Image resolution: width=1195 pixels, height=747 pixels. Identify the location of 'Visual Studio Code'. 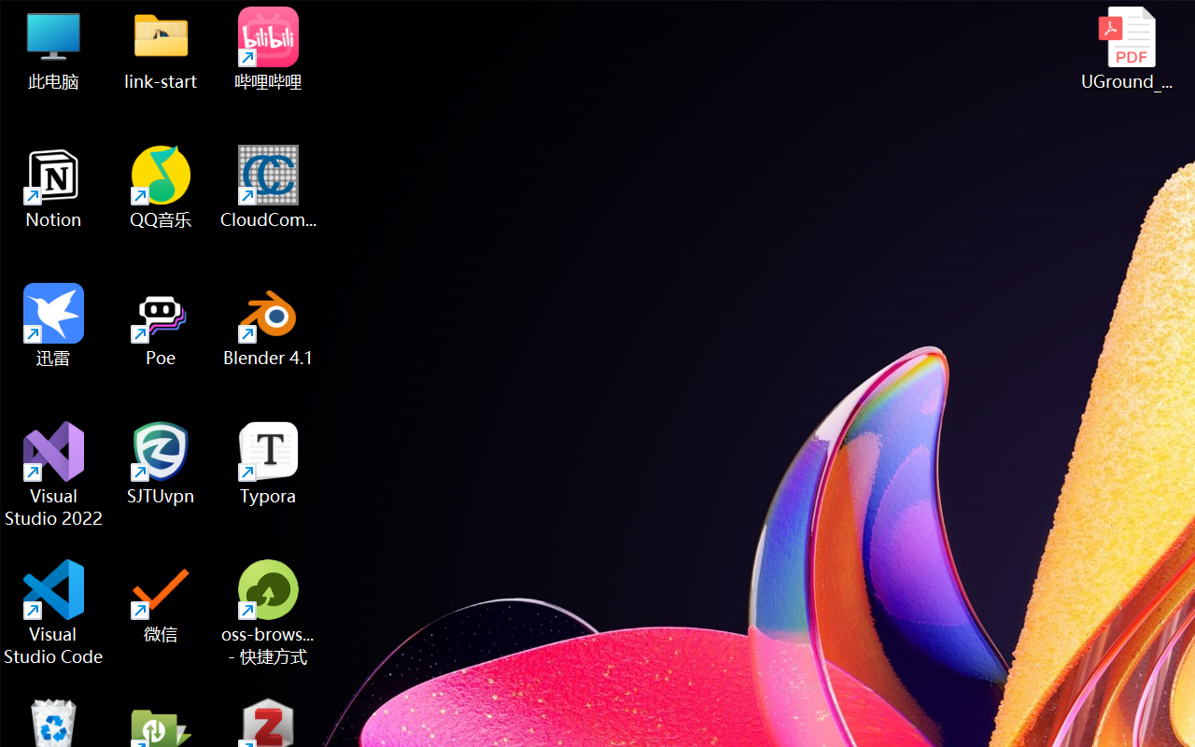
(53, 612).